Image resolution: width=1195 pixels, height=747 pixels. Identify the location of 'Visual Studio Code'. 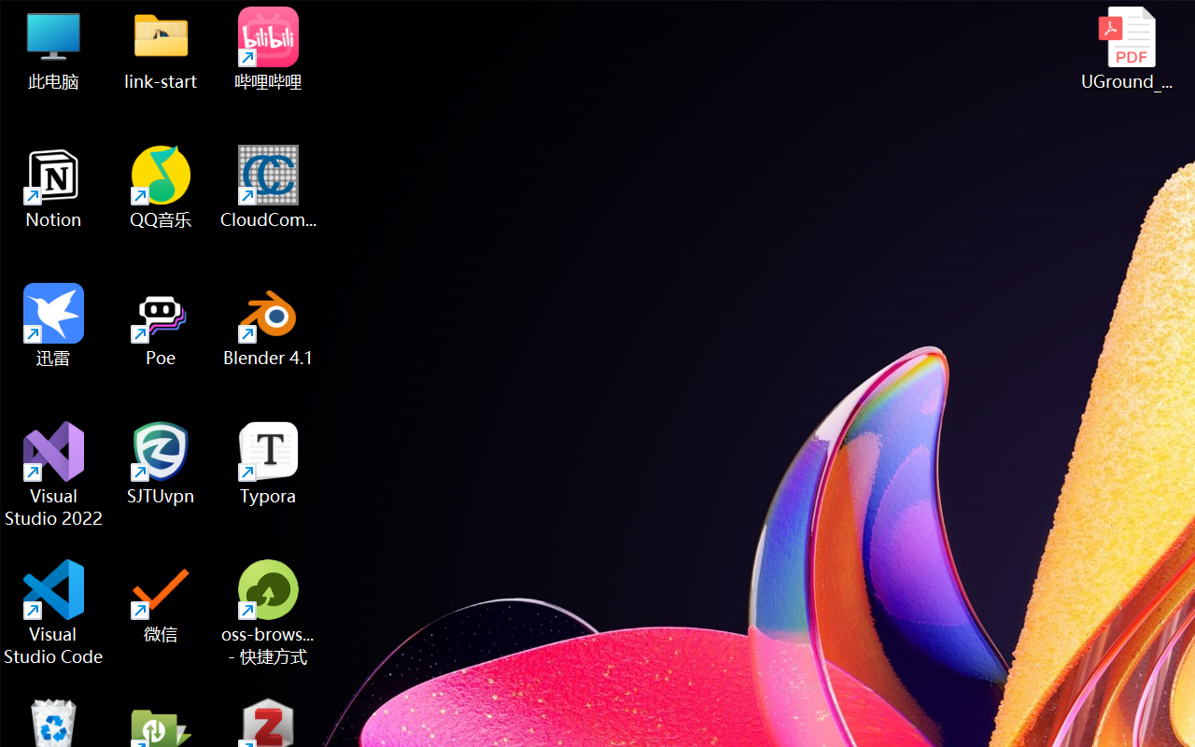
(53, 612).